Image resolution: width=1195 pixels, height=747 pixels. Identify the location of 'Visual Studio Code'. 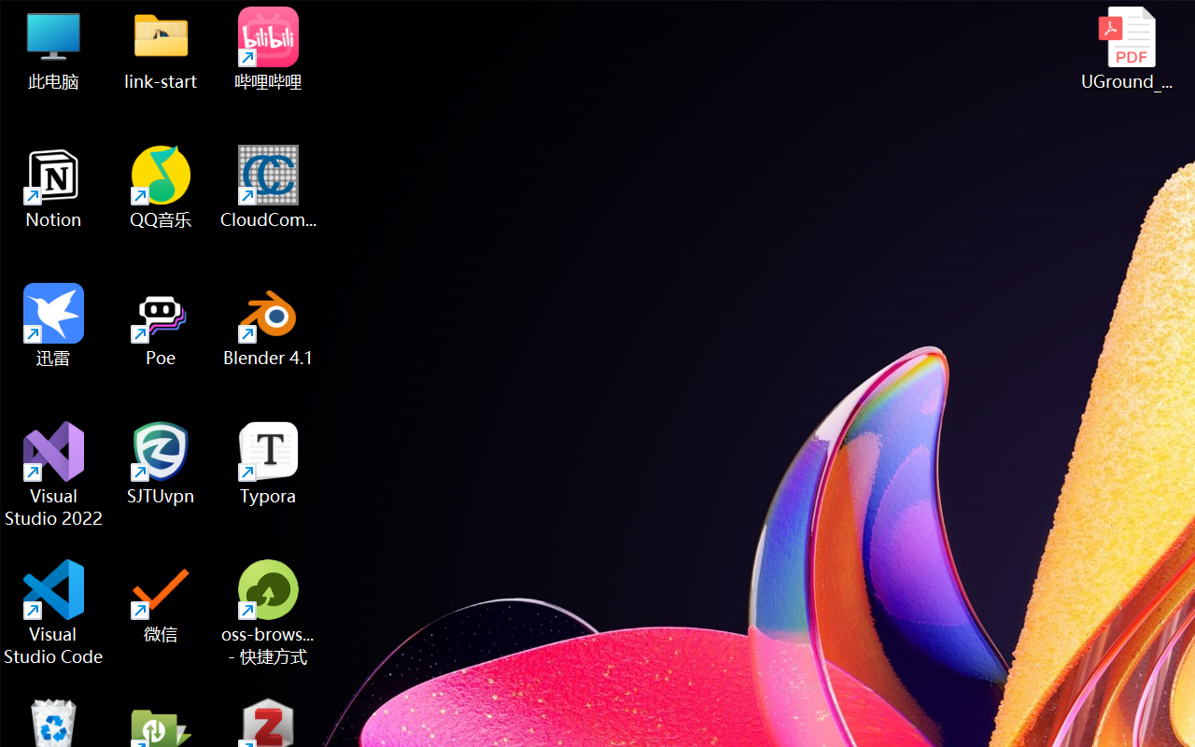
(53, 612).